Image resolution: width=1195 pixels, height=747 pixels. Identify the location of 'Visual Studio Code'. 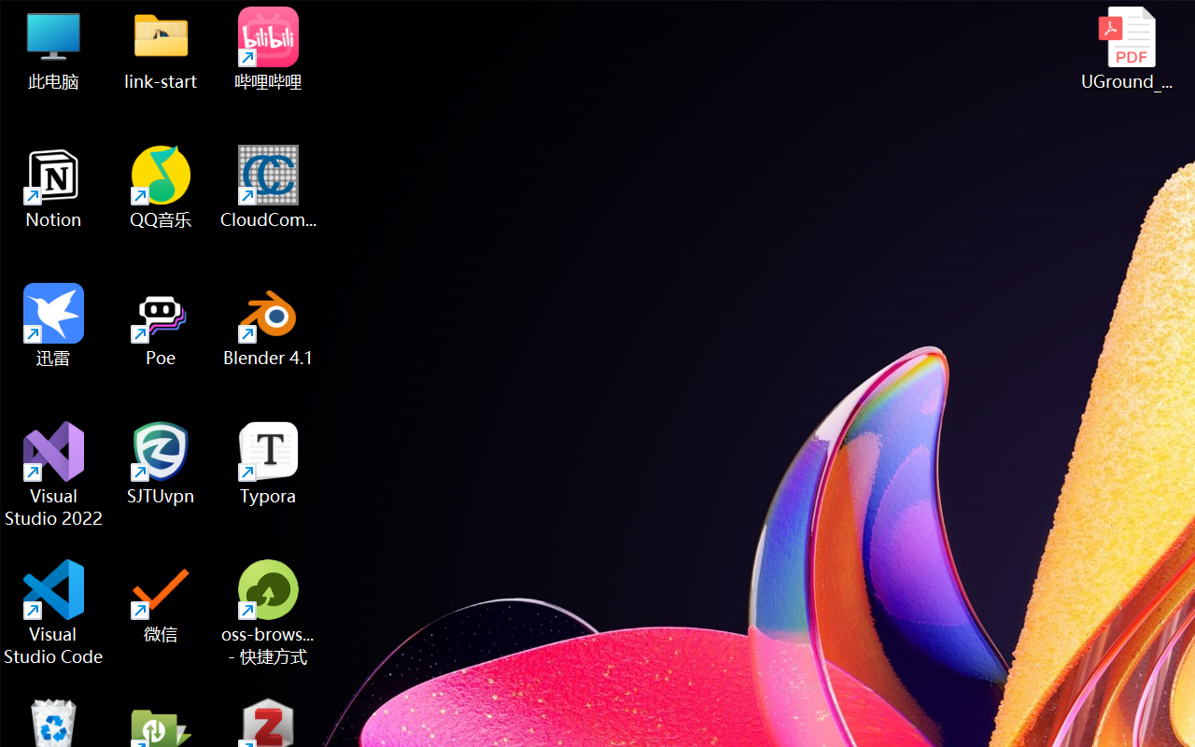
(53, 612).